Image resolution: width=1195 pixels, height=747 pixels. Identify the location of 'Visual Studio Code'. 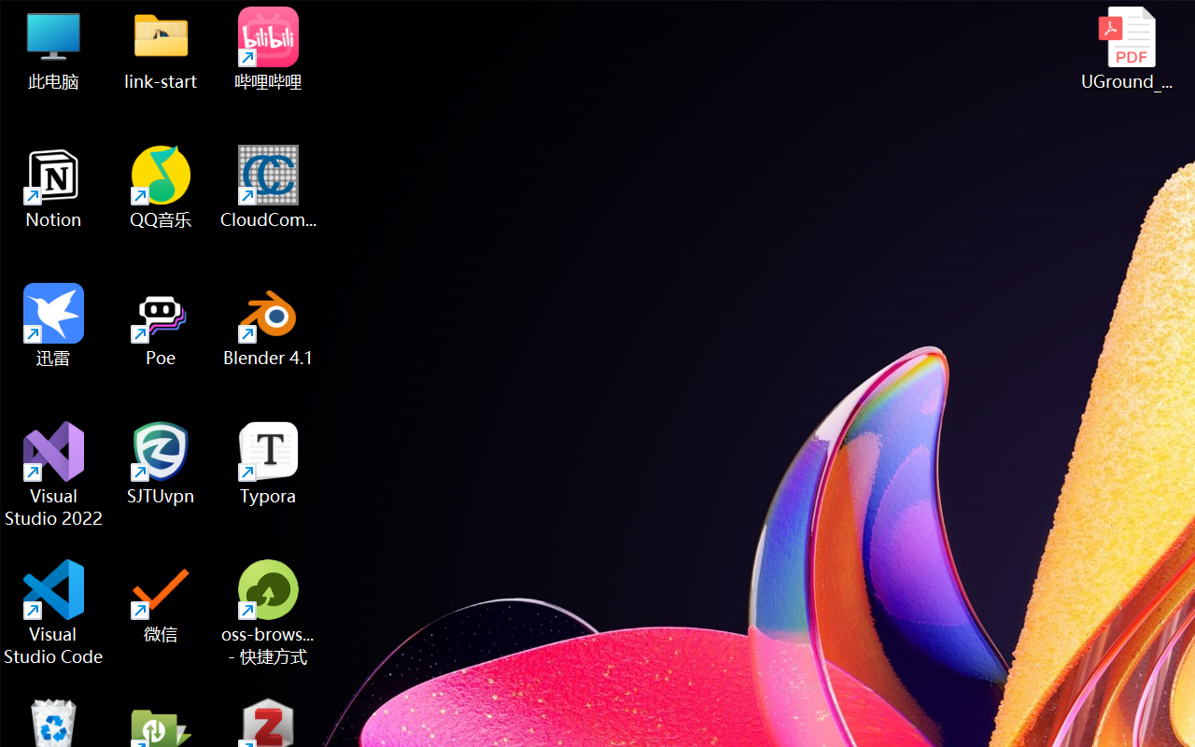
(53, 612).